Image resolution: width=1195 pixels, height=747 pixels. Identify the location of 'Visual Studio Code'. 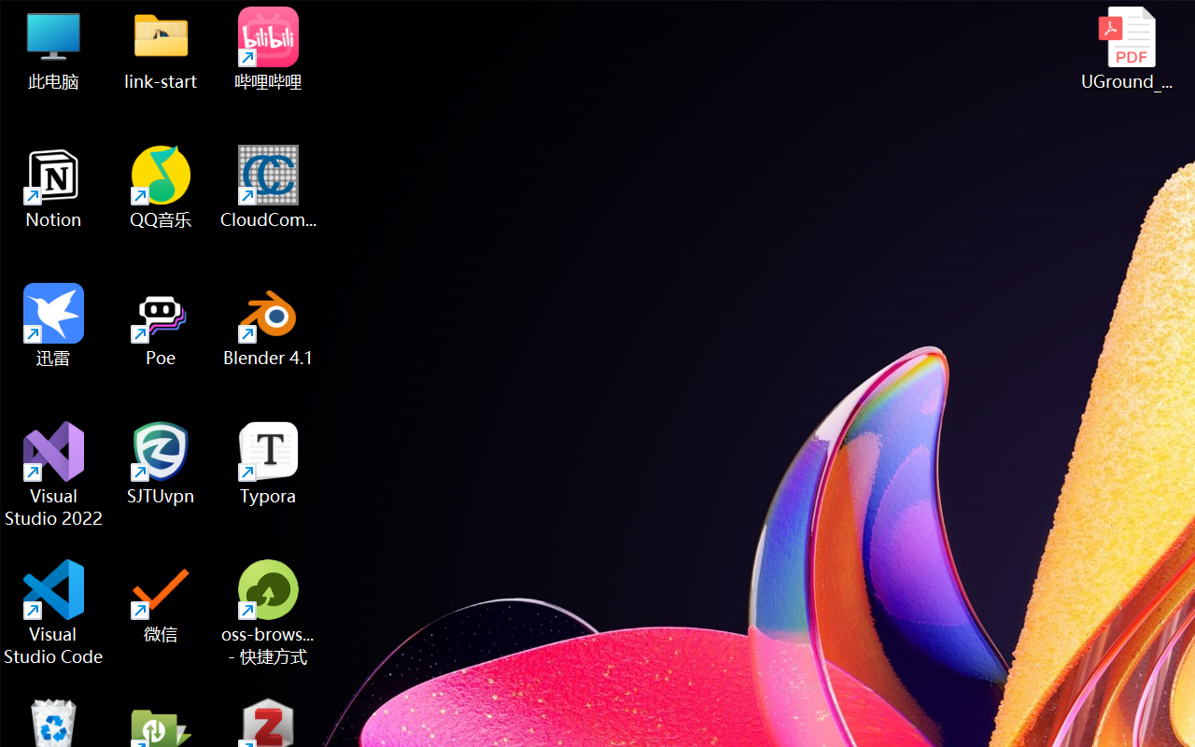
(53, 612).